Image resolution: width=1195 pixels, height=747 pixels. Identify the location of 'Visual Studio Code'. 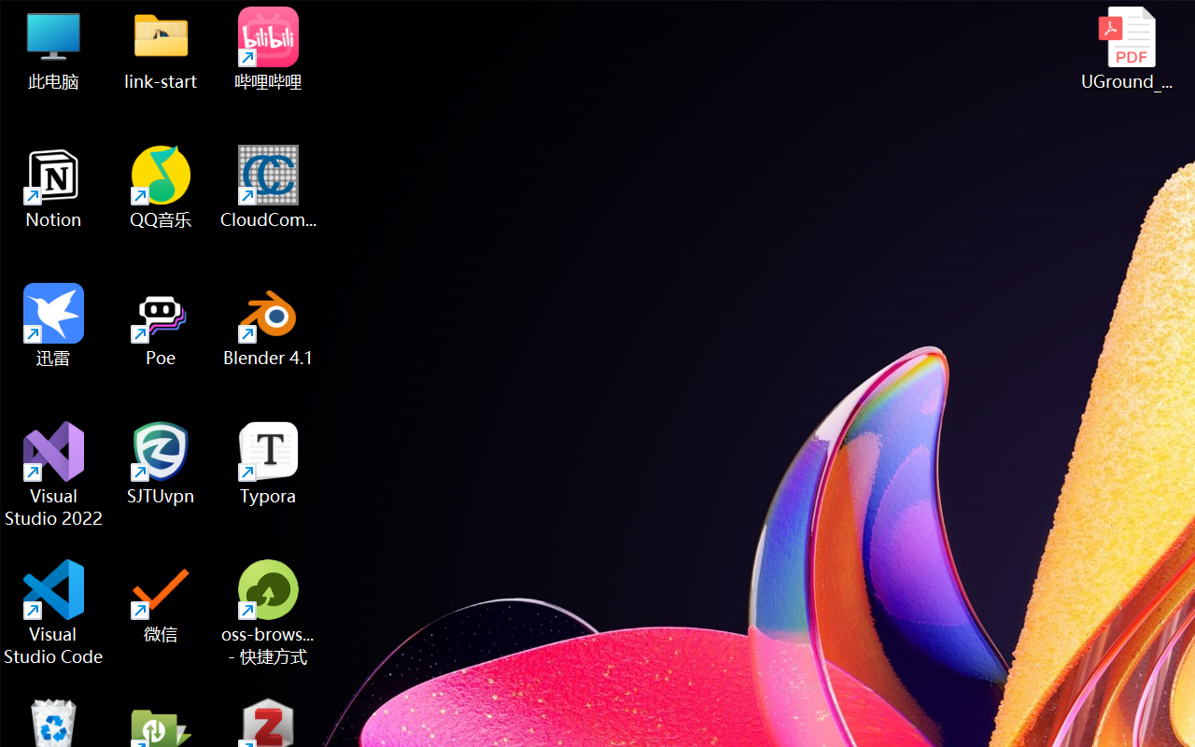
(53, 612).